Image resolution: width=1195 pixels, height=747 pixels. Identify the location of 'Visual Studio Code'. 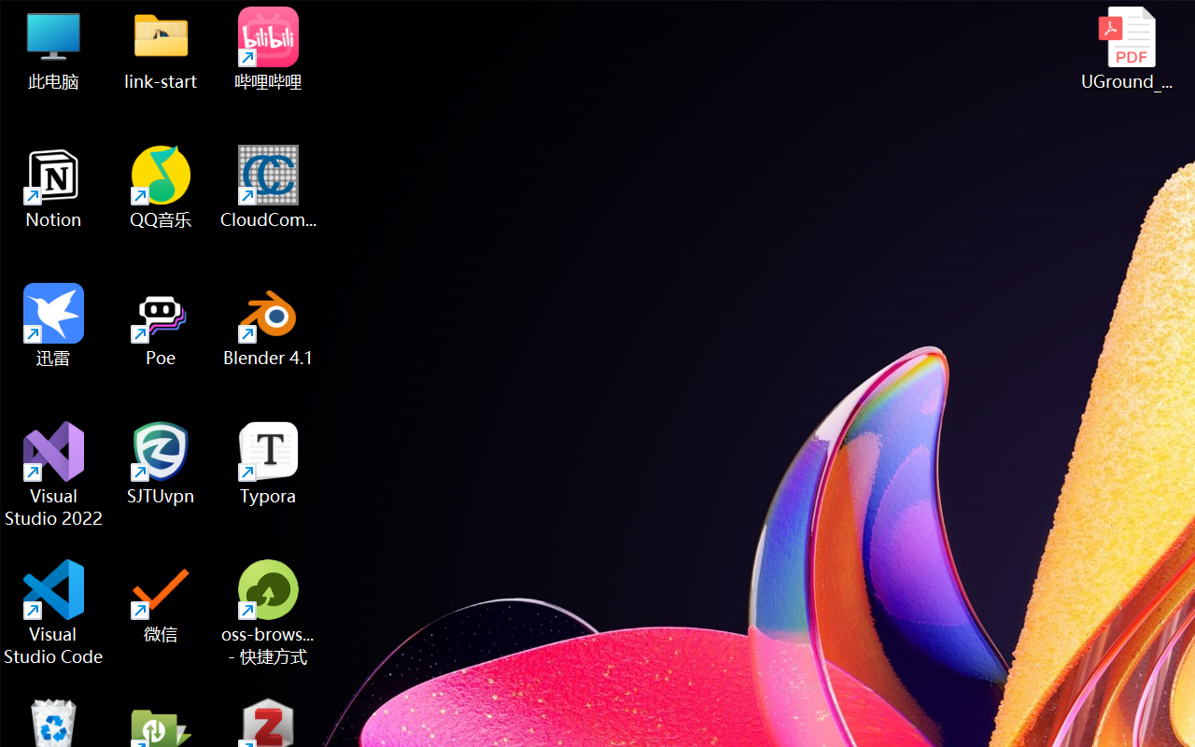
(53, 612).